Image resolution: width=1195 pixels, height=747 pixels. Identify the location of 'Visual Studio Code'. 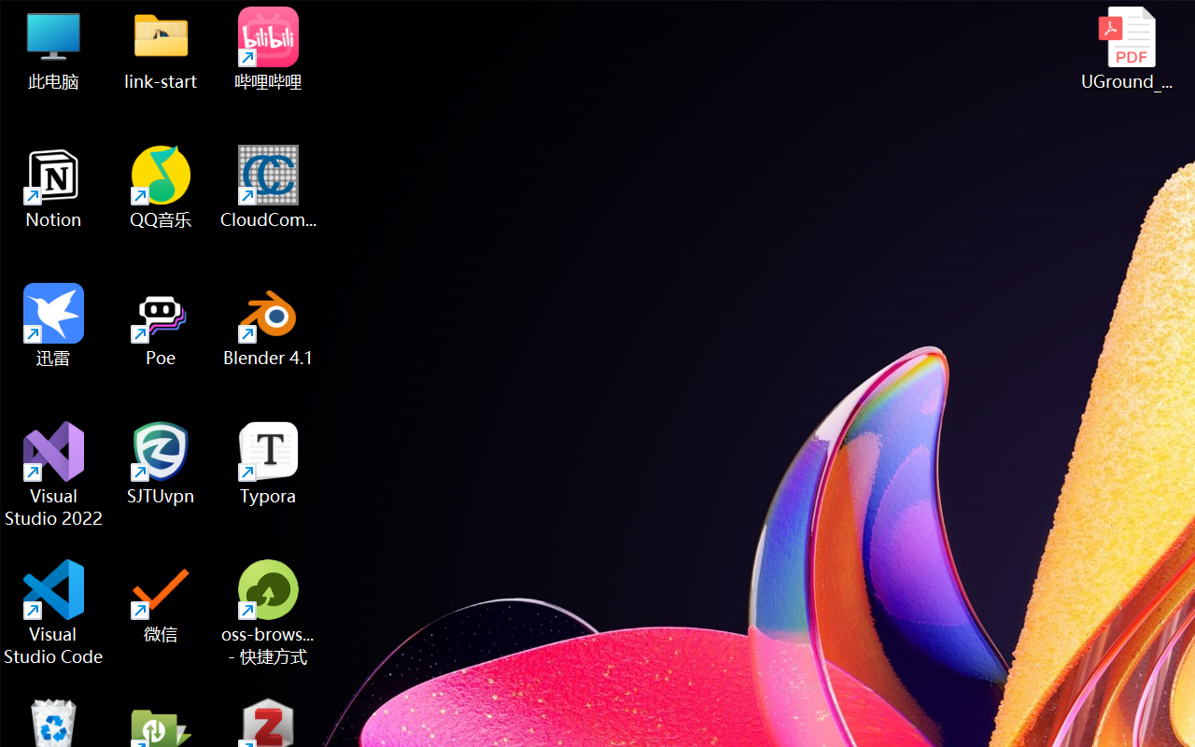
(53, 612).